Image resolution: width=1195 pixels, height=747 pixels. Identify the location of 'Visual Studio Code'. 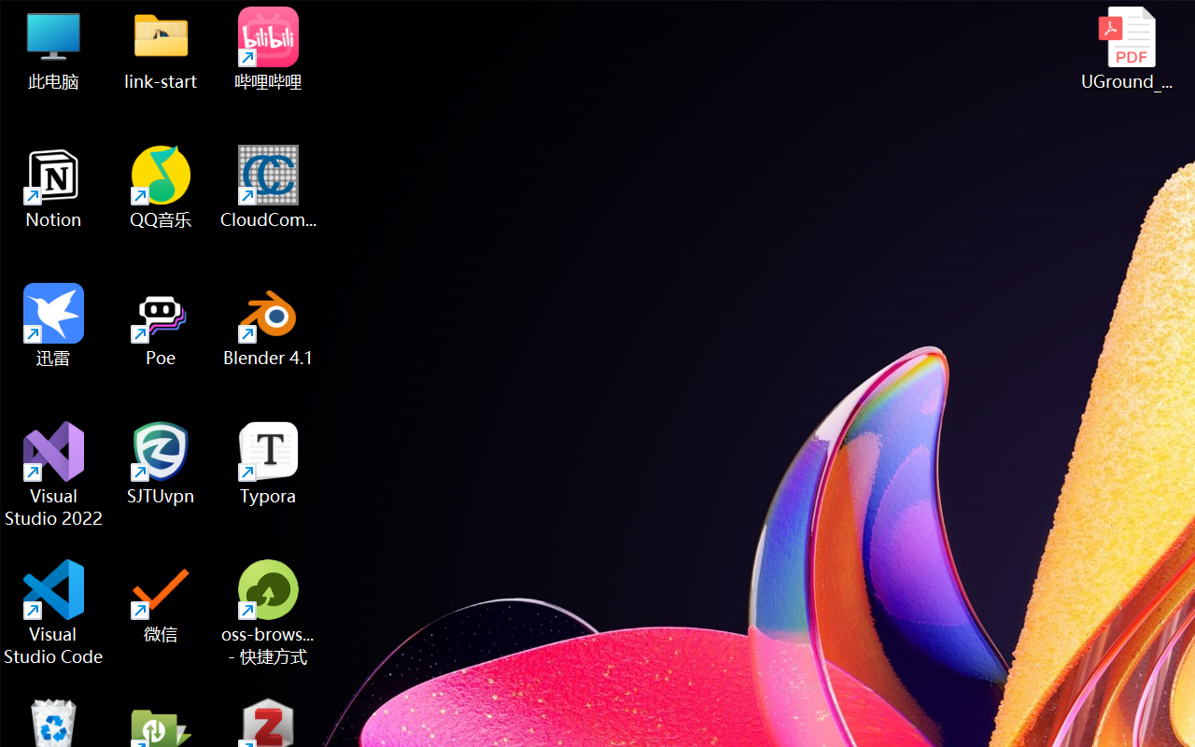
(53, 612).